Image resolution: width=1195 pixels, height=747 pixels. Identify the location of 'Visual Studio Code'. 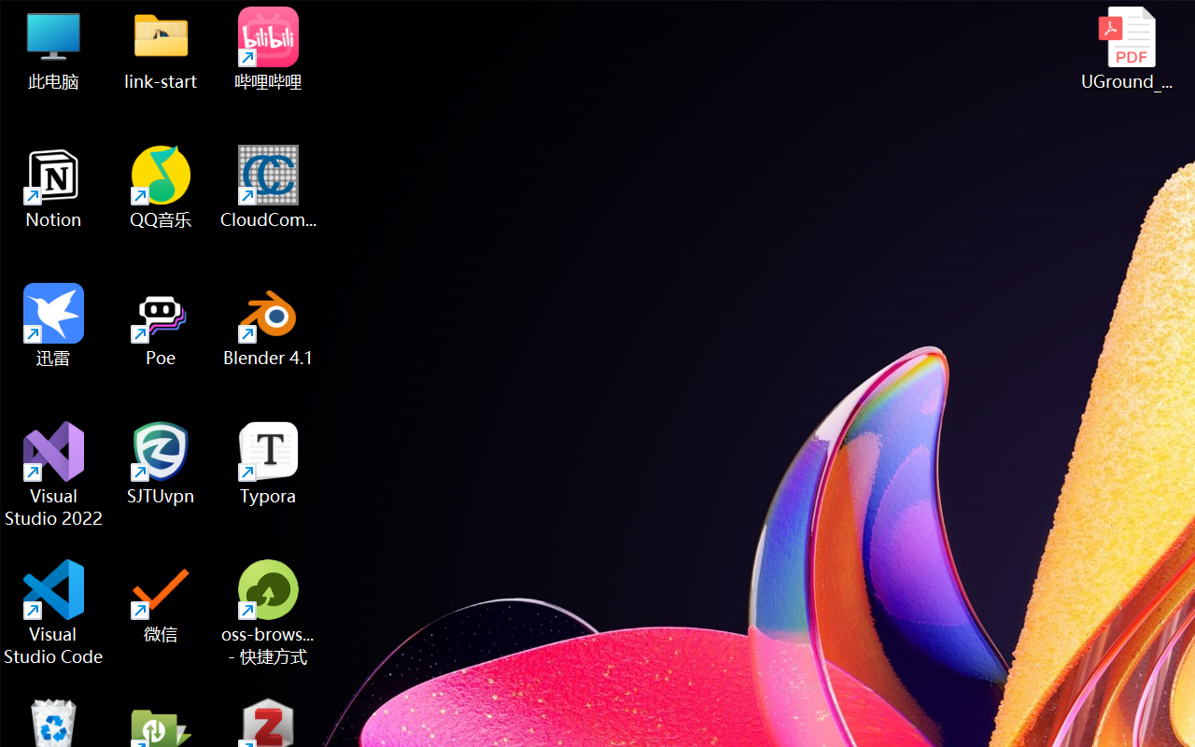
(53, 612).